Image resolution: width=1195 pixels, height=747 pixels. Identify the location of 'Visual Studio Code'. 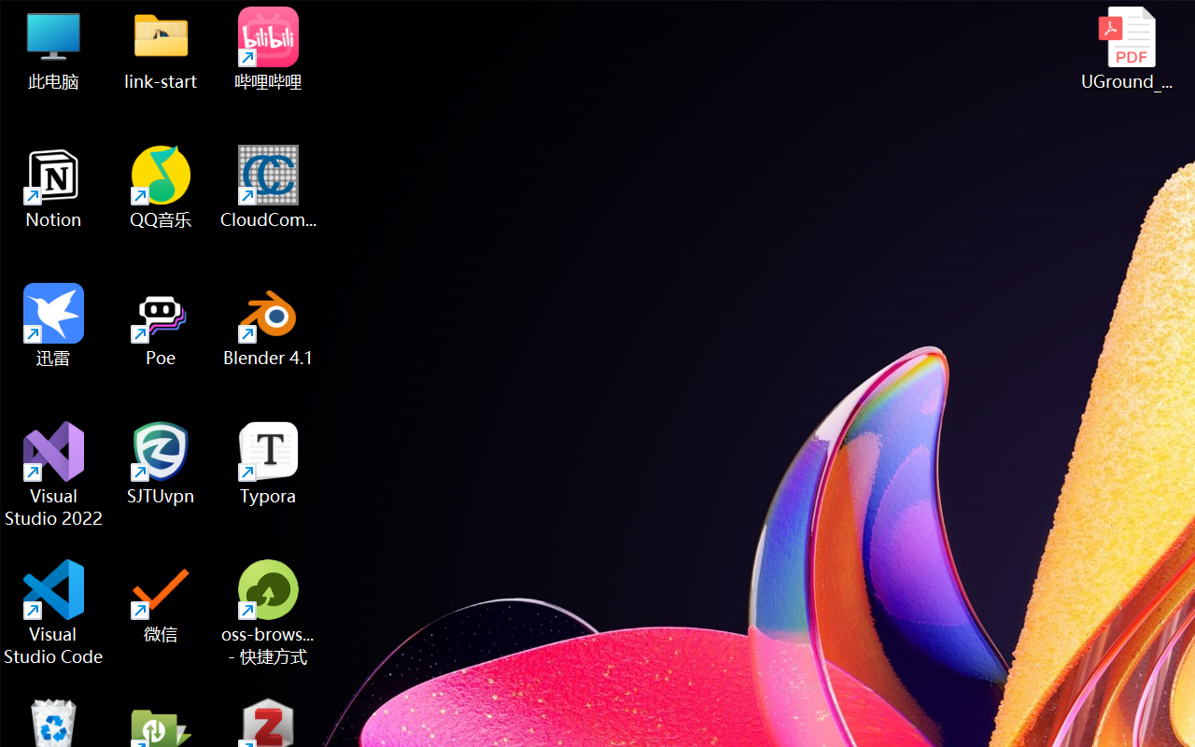
(53, 612).